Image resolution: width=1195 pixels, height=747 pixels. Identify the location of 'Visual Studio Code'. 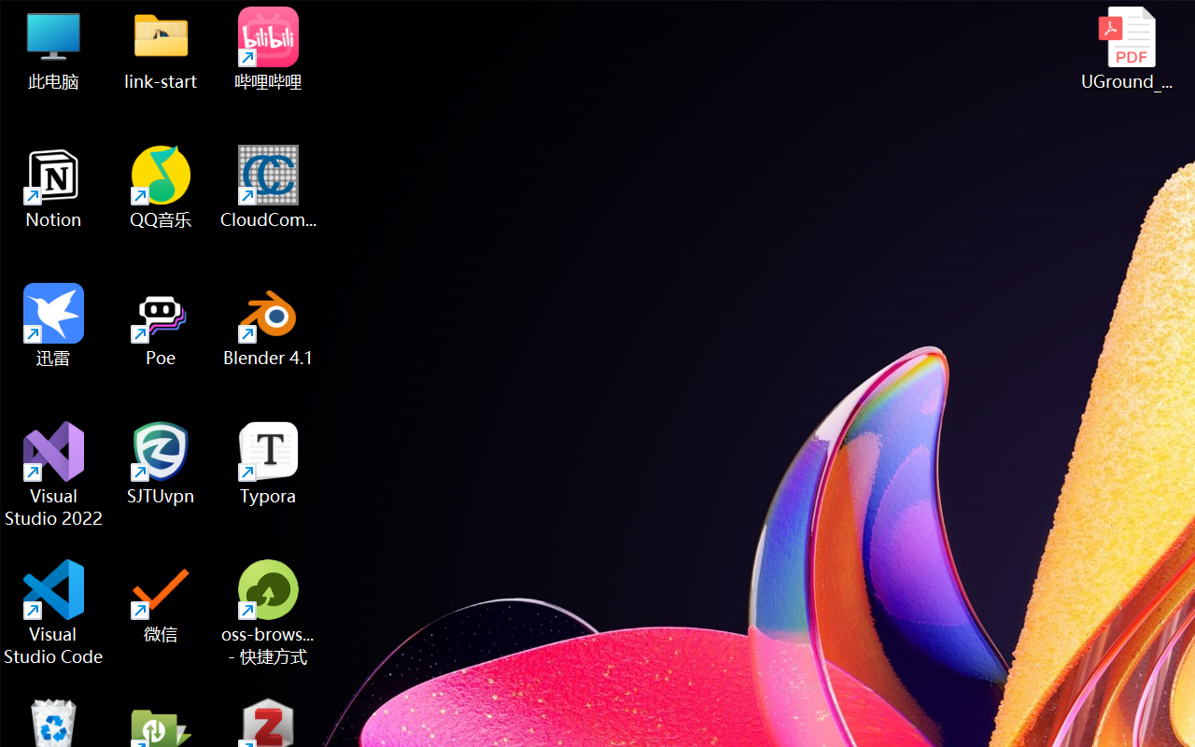
(53, 612).